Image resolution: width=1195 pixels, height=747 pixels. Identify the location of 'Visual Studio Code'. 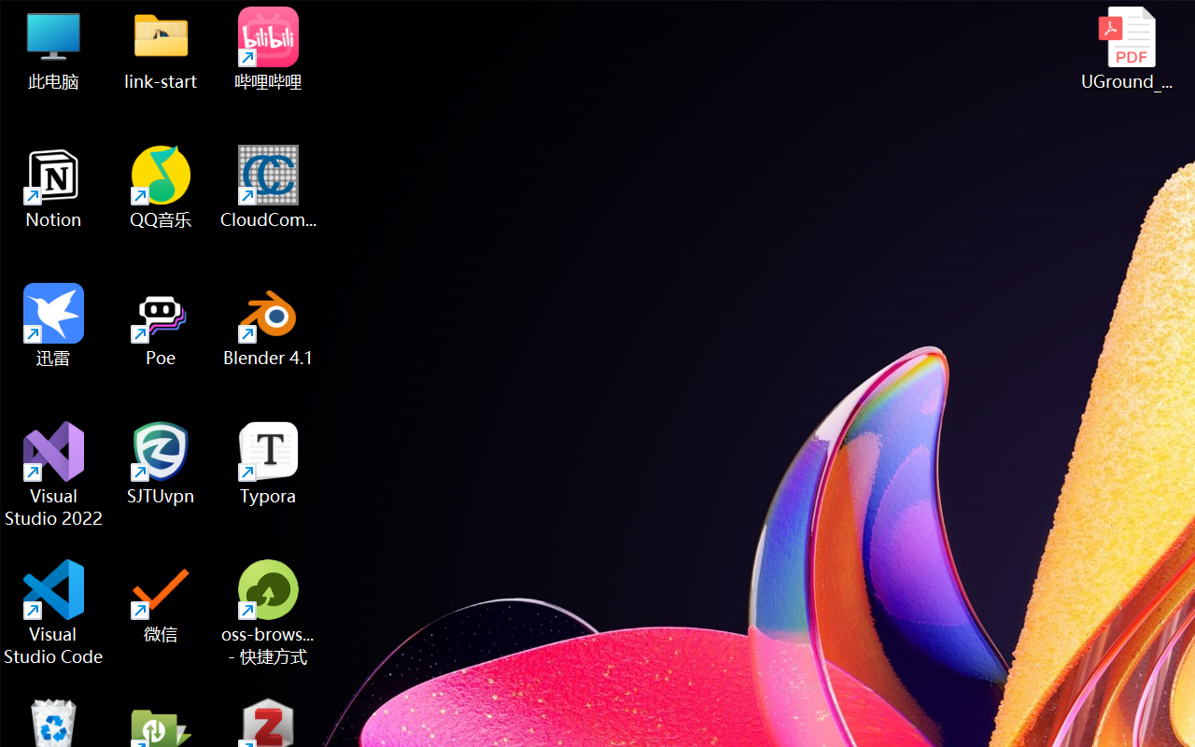
(53, 612).